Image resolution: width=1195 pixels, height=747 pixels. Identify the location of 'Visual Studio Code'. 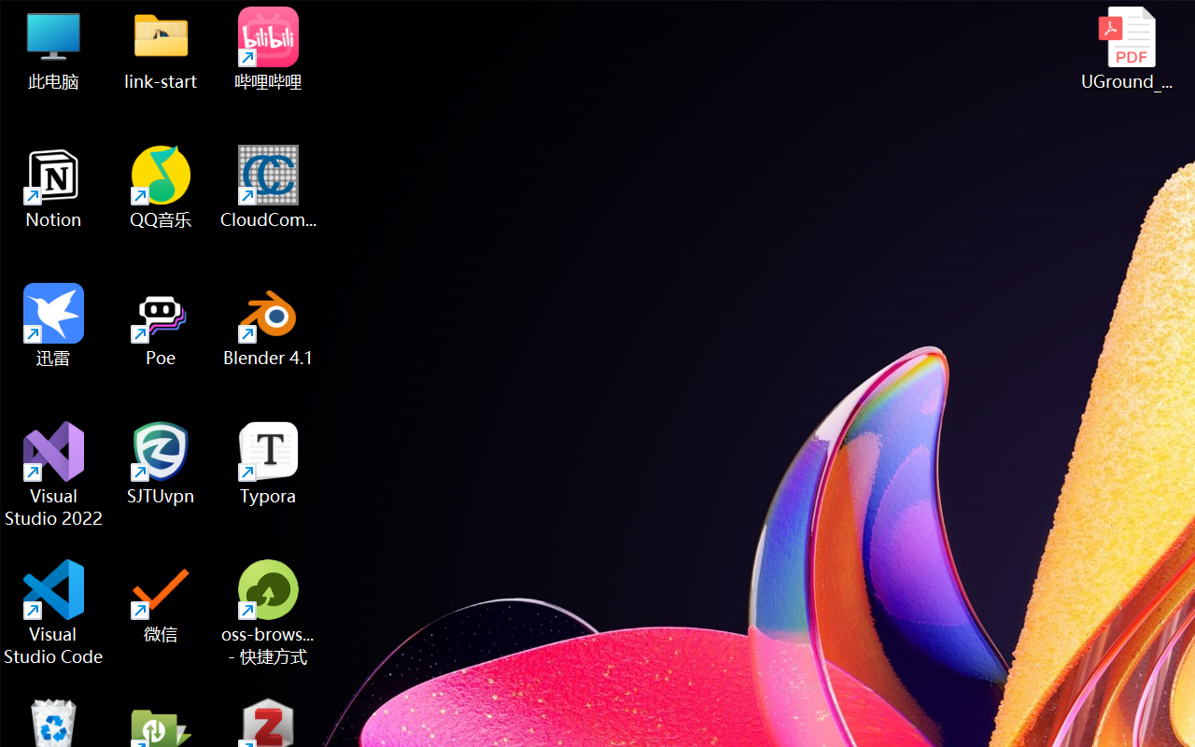
(53, 612).